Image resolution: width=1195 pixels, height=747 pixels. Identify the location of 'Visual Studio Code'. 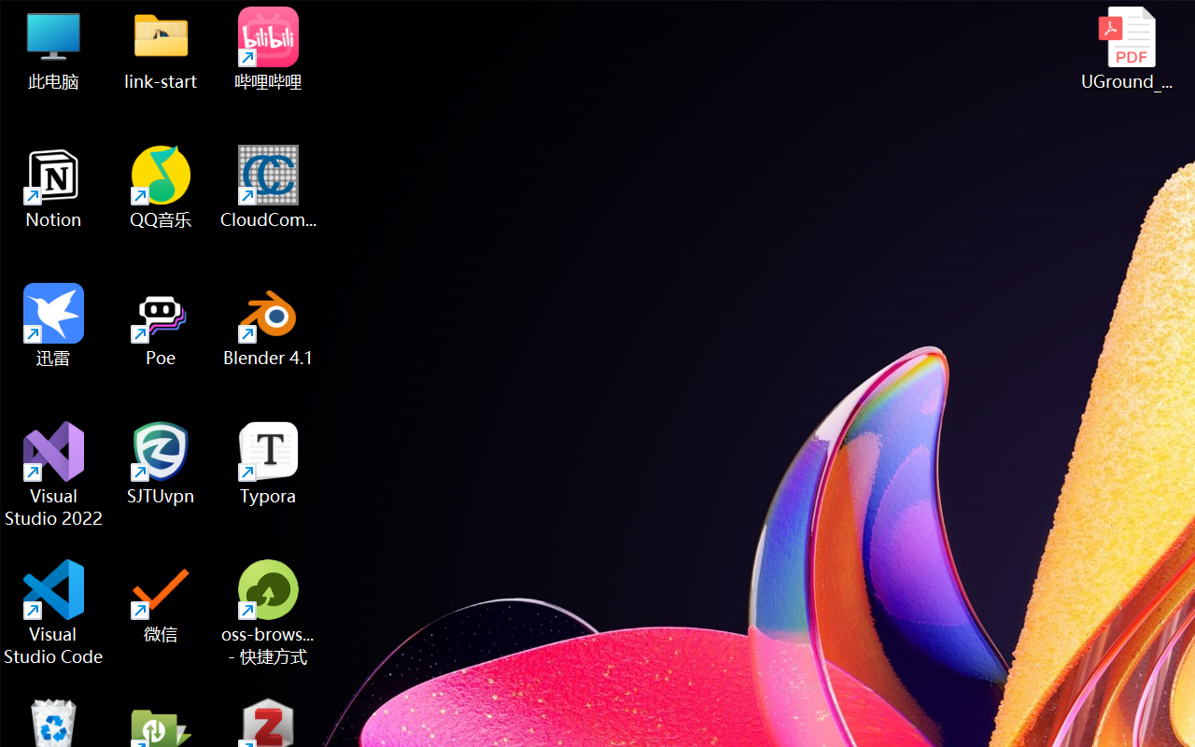
(53, 612).